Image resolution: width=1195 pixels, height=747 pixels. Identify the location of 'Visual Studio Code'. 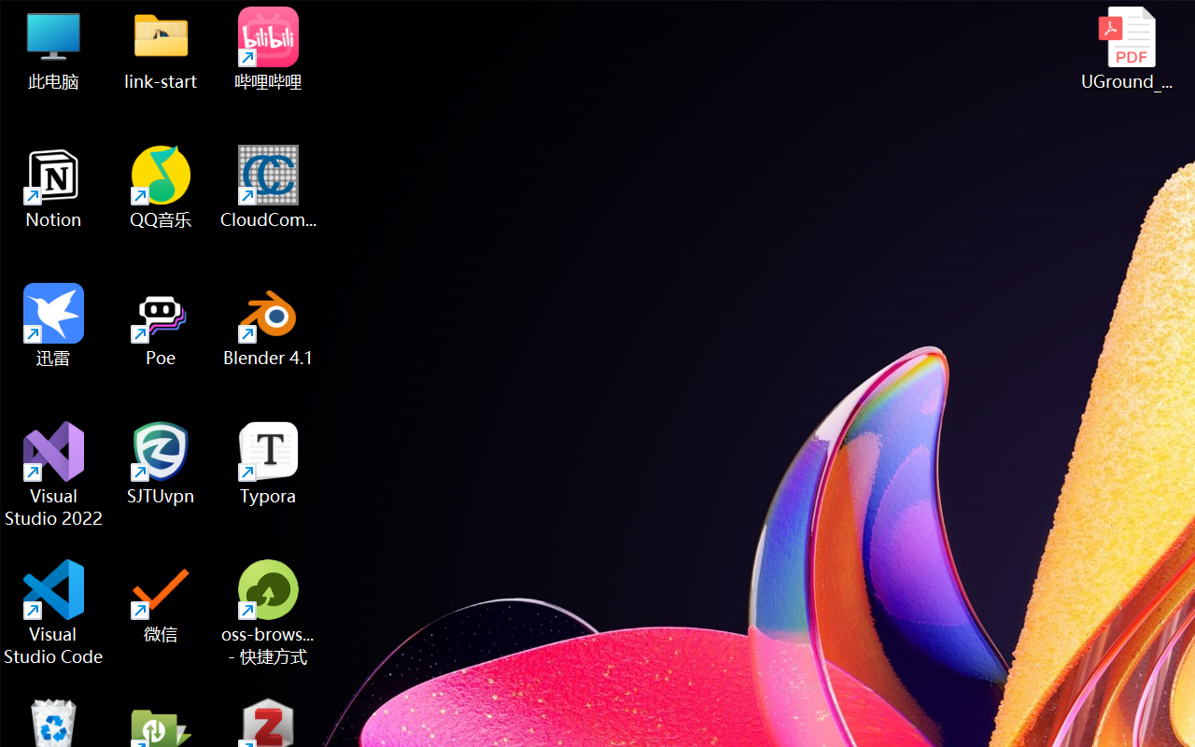
(53, 612).